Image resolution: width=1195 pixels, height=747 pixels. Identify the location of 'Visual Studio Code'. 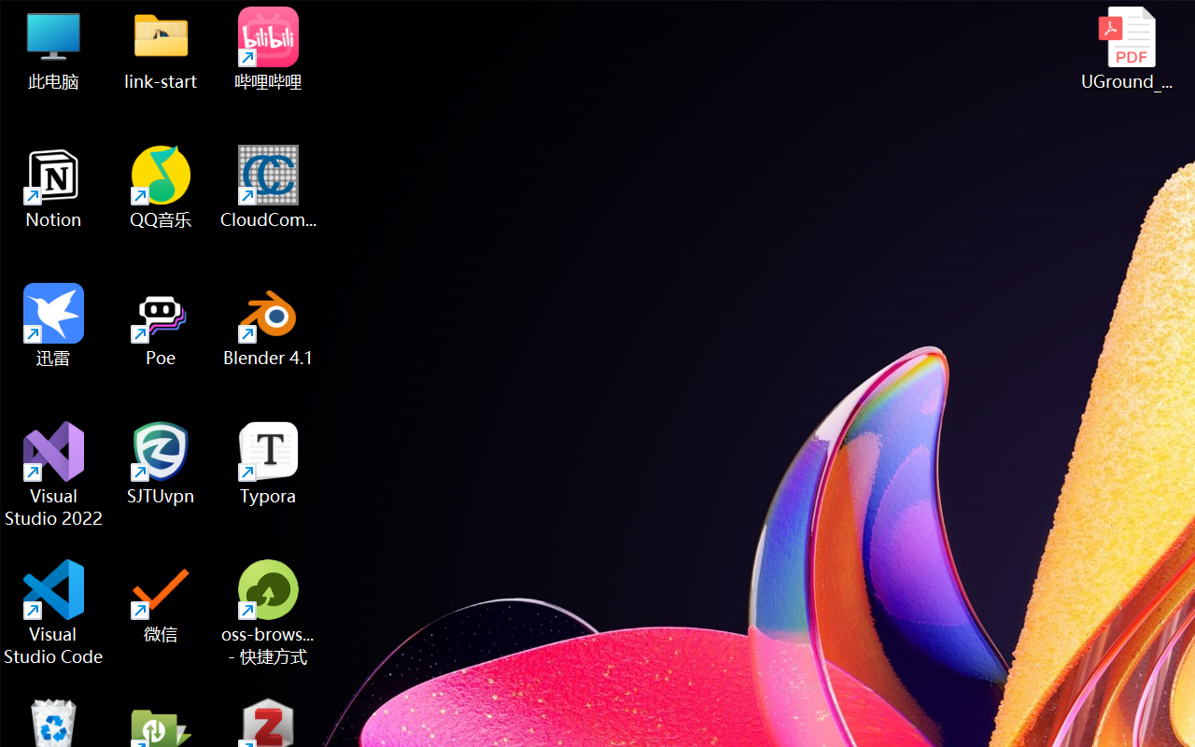
(53, 612).